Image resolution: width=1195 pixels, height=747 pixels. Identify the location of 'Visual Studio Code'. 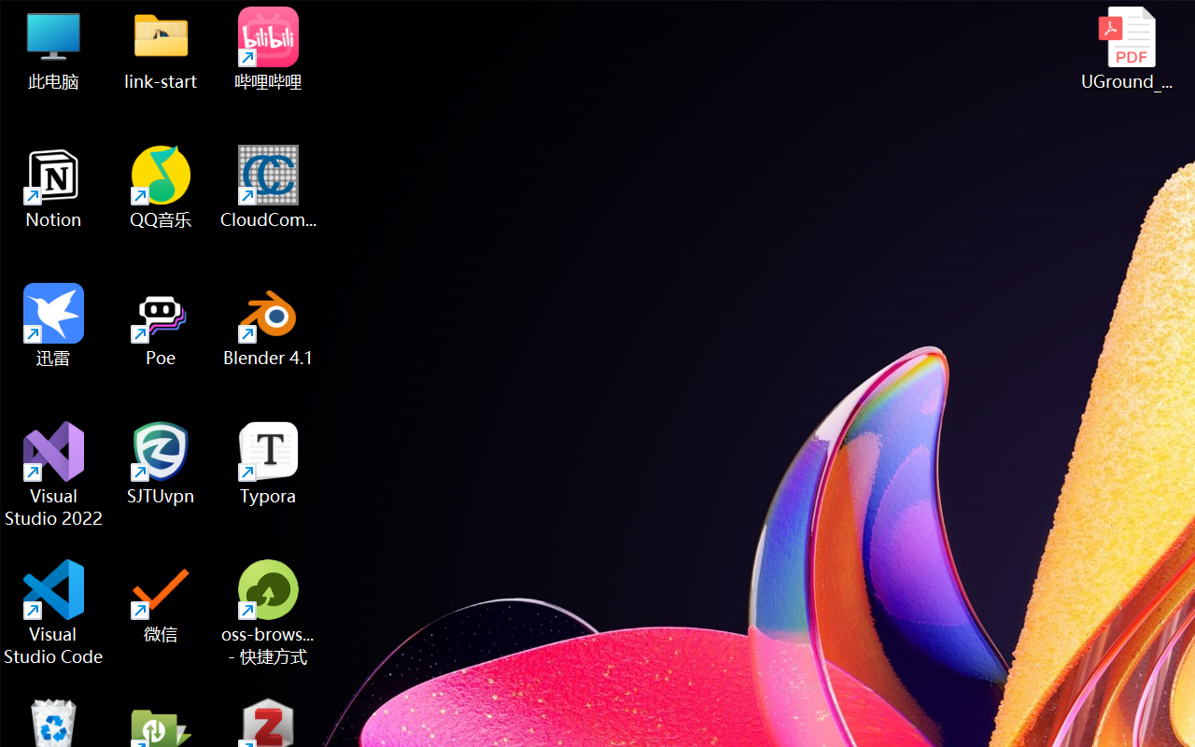
(53, 612).